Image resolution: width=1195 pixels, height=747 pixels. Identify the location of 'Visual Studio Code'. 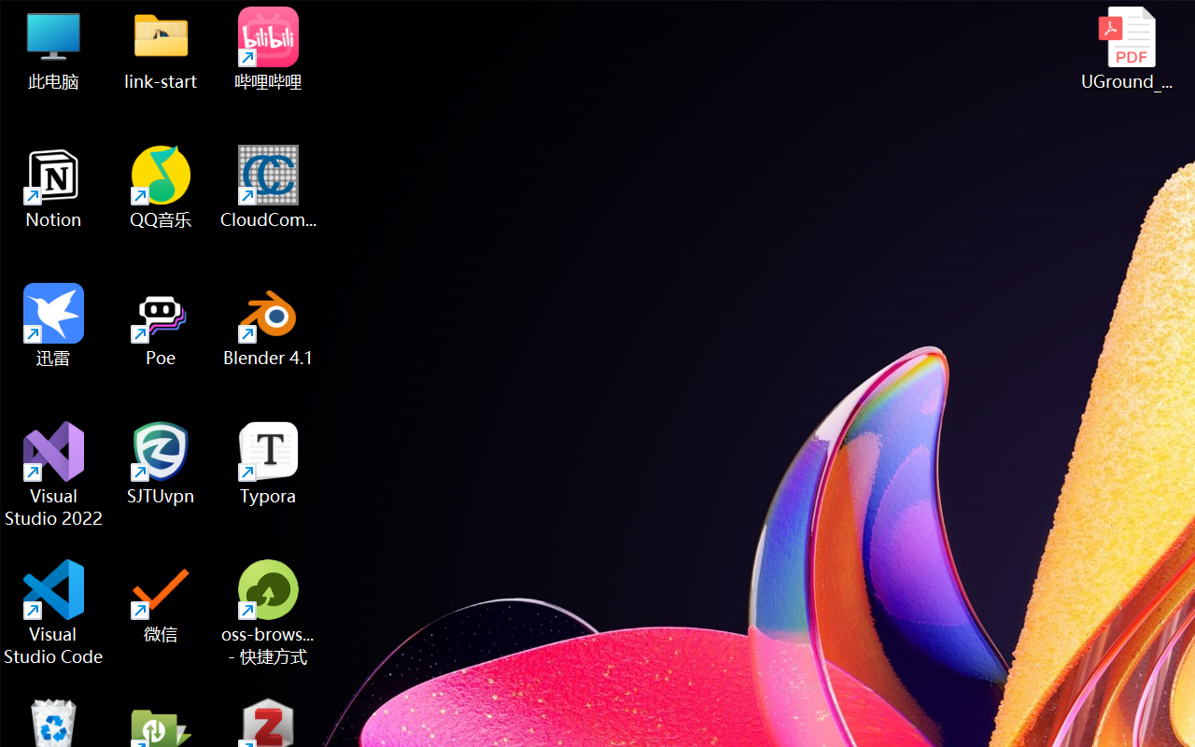
(53, 612).